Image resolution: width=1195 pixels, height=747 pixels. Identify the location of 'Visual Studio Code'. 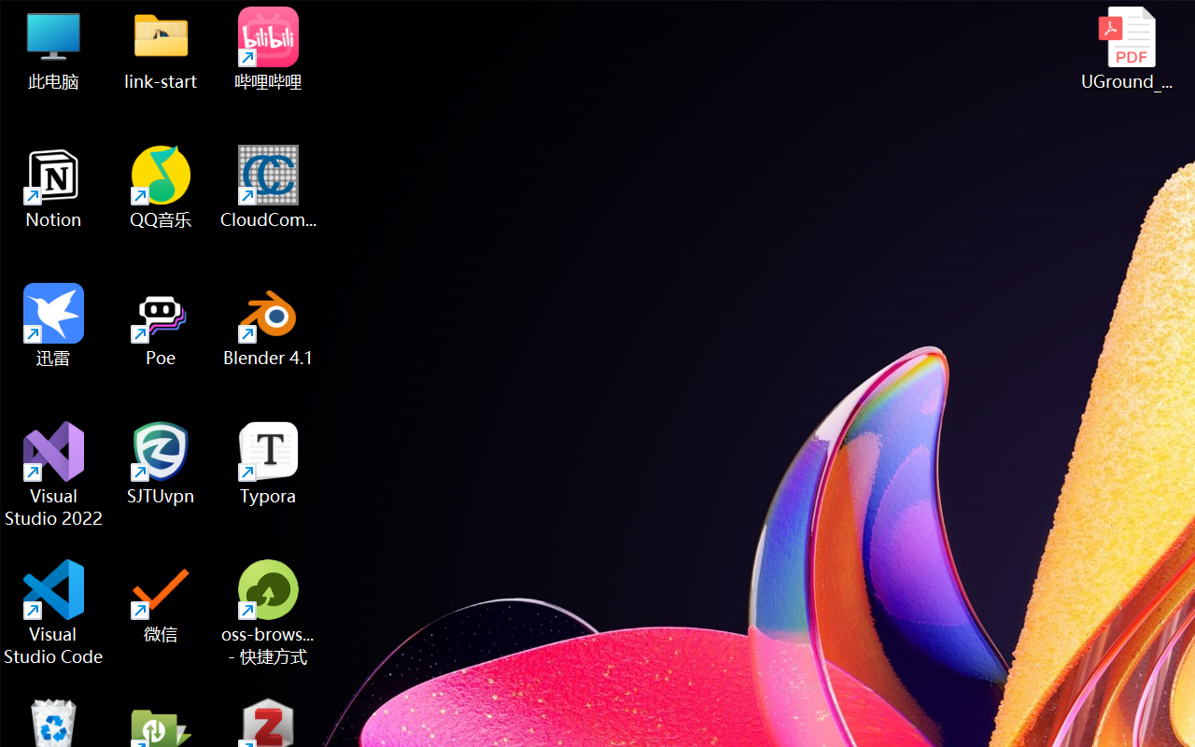
(53, 612).